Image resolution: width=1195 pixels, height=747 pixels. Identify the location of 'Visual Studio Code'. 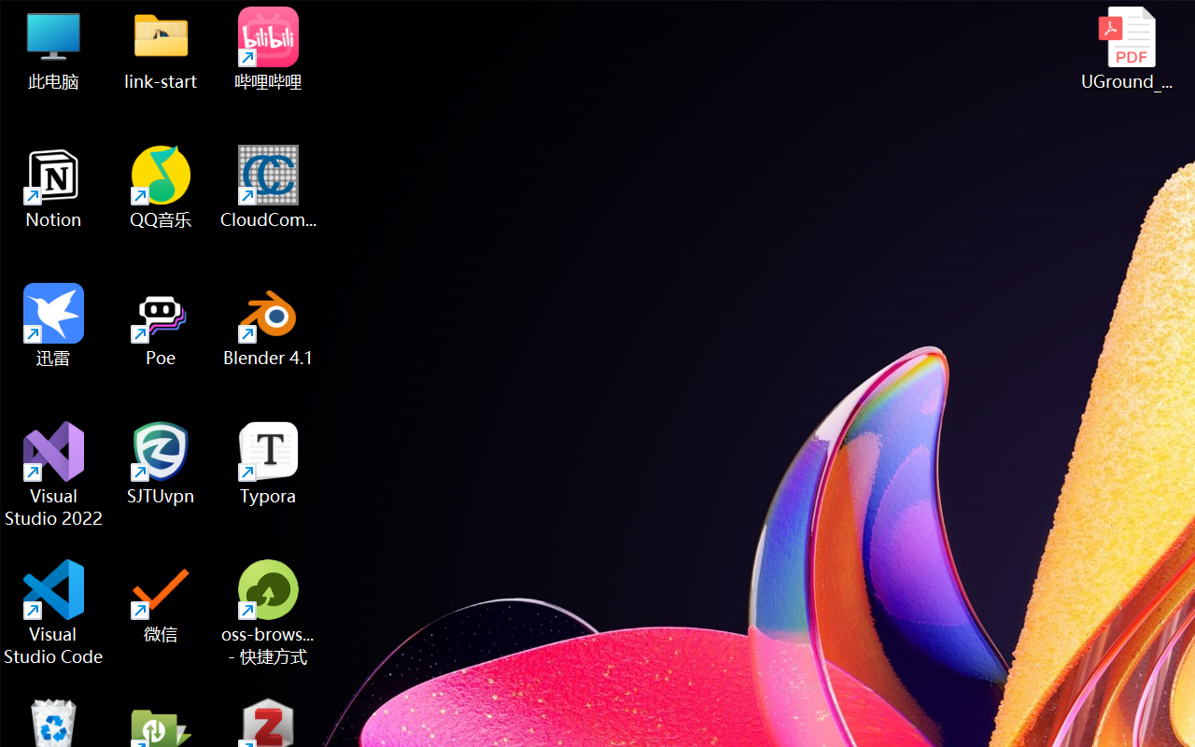
(53, 612).